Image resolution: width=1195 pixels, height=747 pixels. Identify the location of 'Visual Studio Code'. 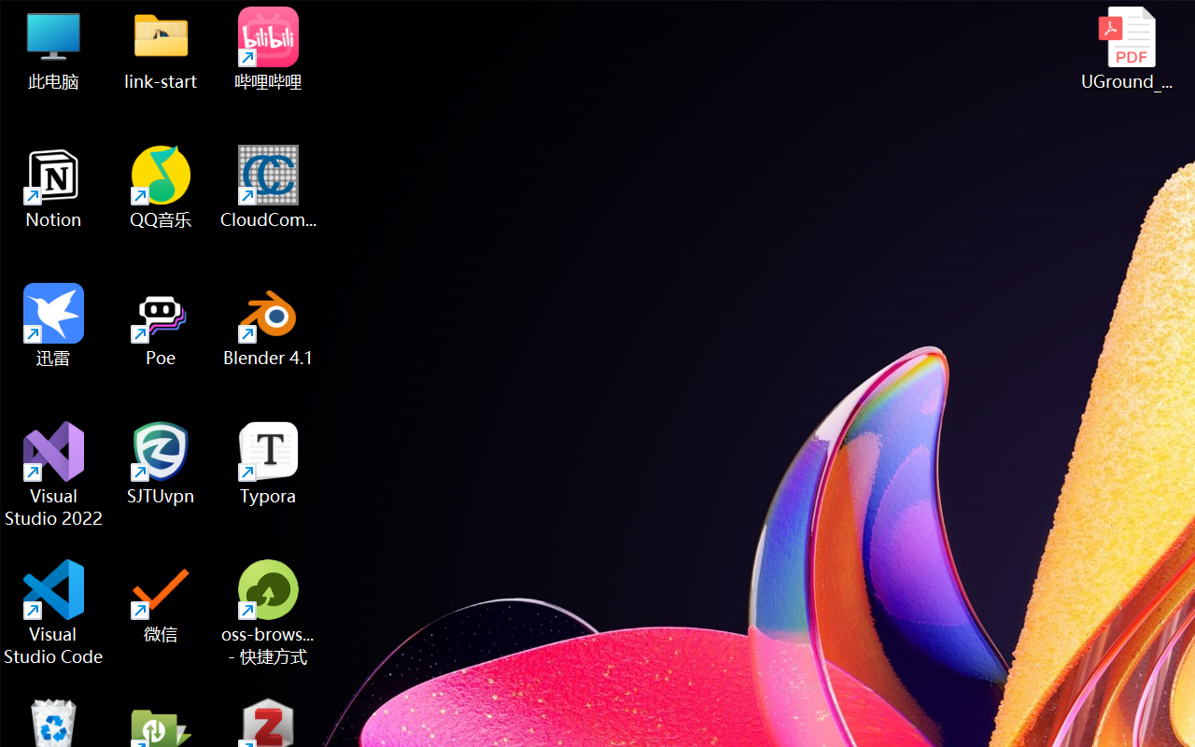
(53, 612).